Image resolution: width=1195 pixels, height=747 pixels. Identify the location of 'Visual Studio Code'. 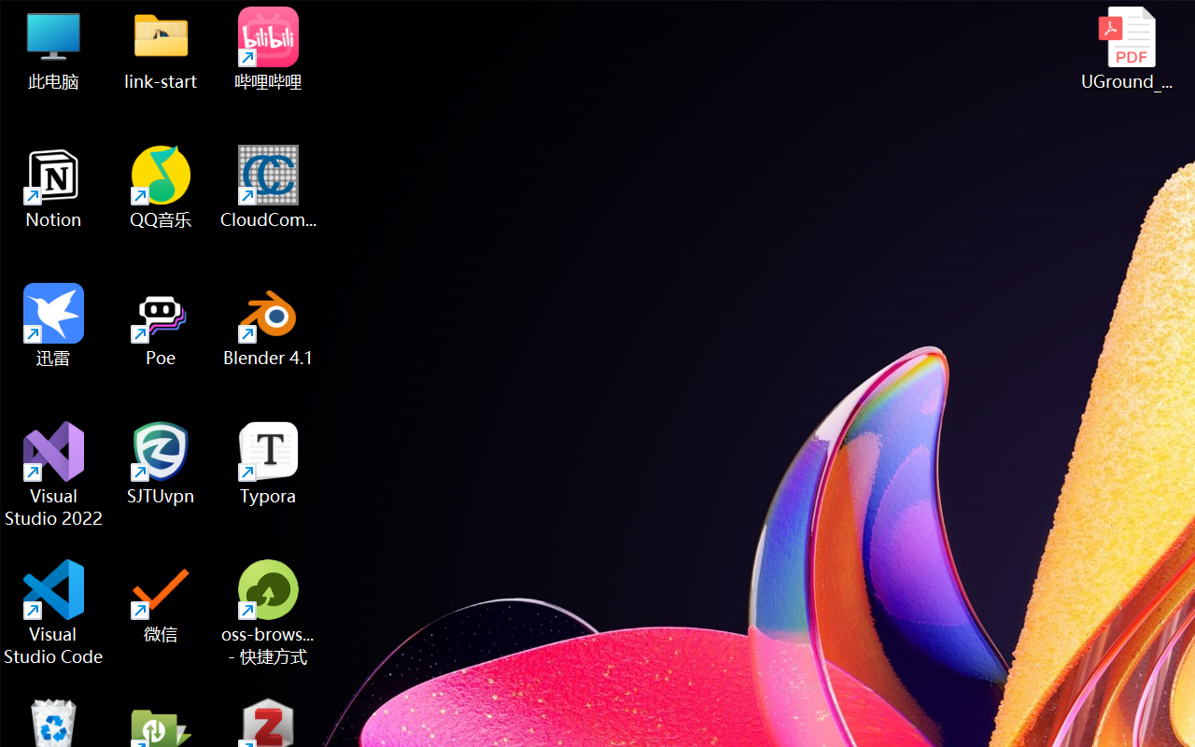
(53, 612).